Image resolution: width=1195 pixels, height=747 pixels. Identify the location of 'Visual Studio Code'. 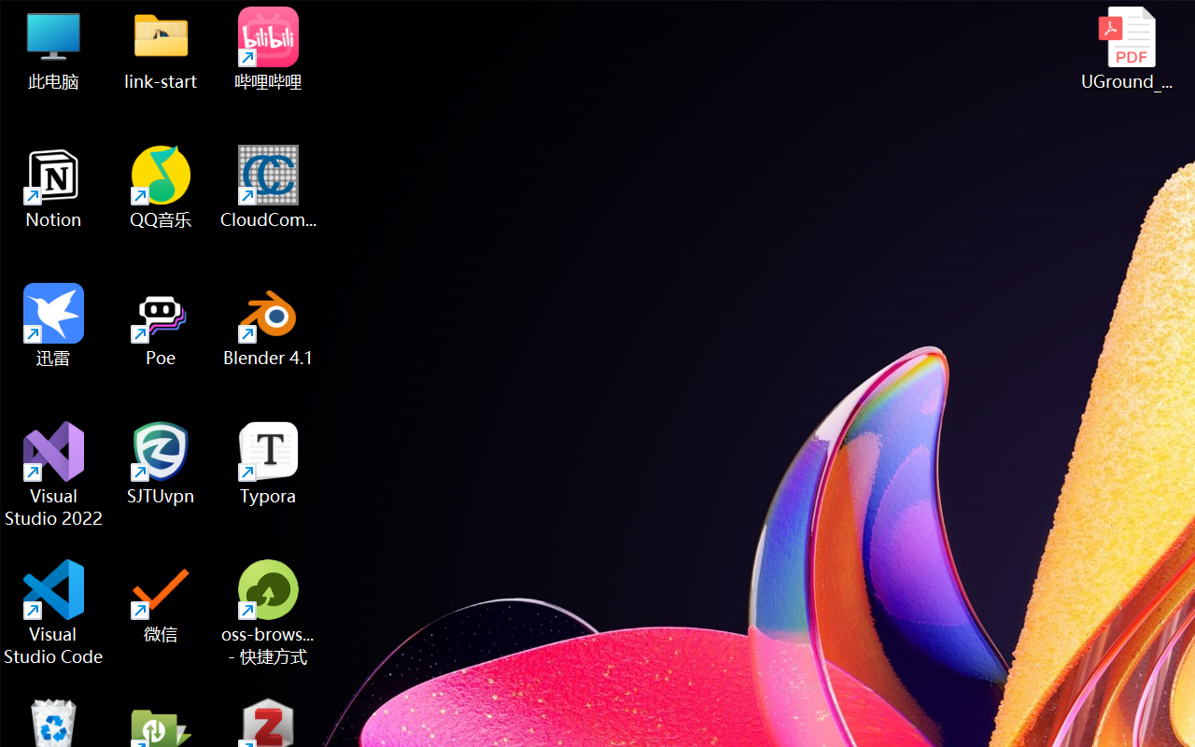
(53, 612).